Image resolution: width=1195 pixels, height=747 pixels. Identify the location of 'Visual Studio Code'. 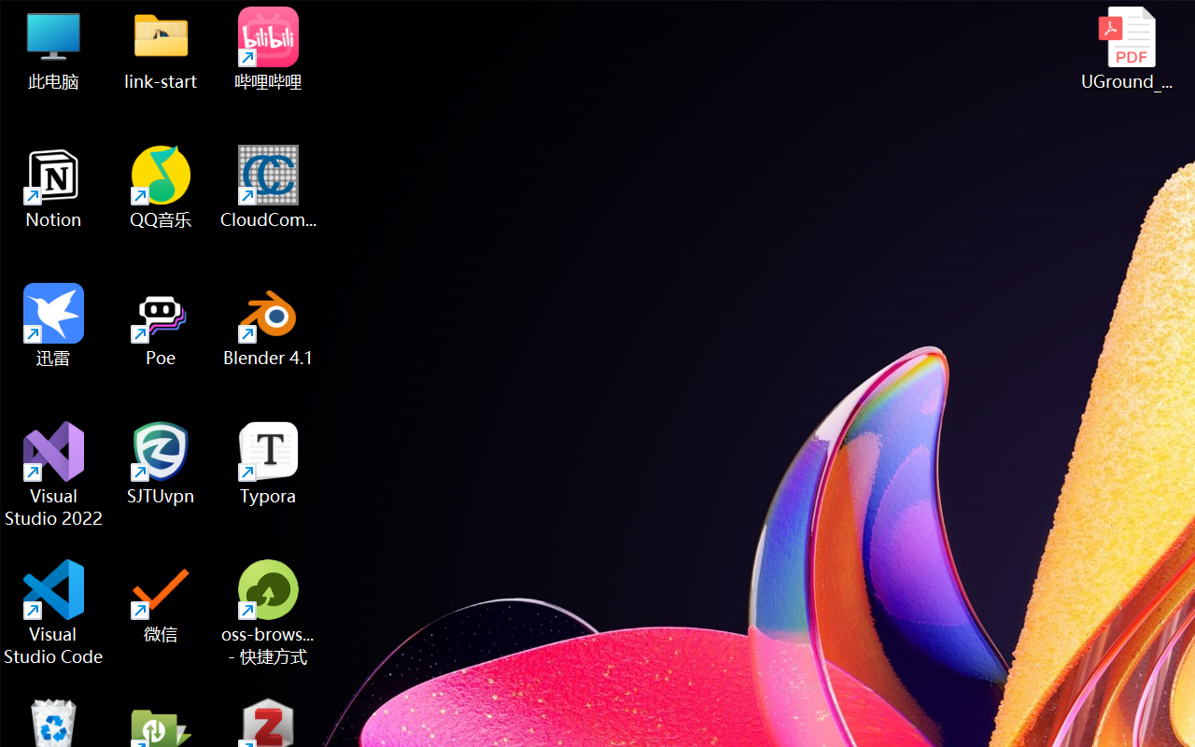
(53, 612).